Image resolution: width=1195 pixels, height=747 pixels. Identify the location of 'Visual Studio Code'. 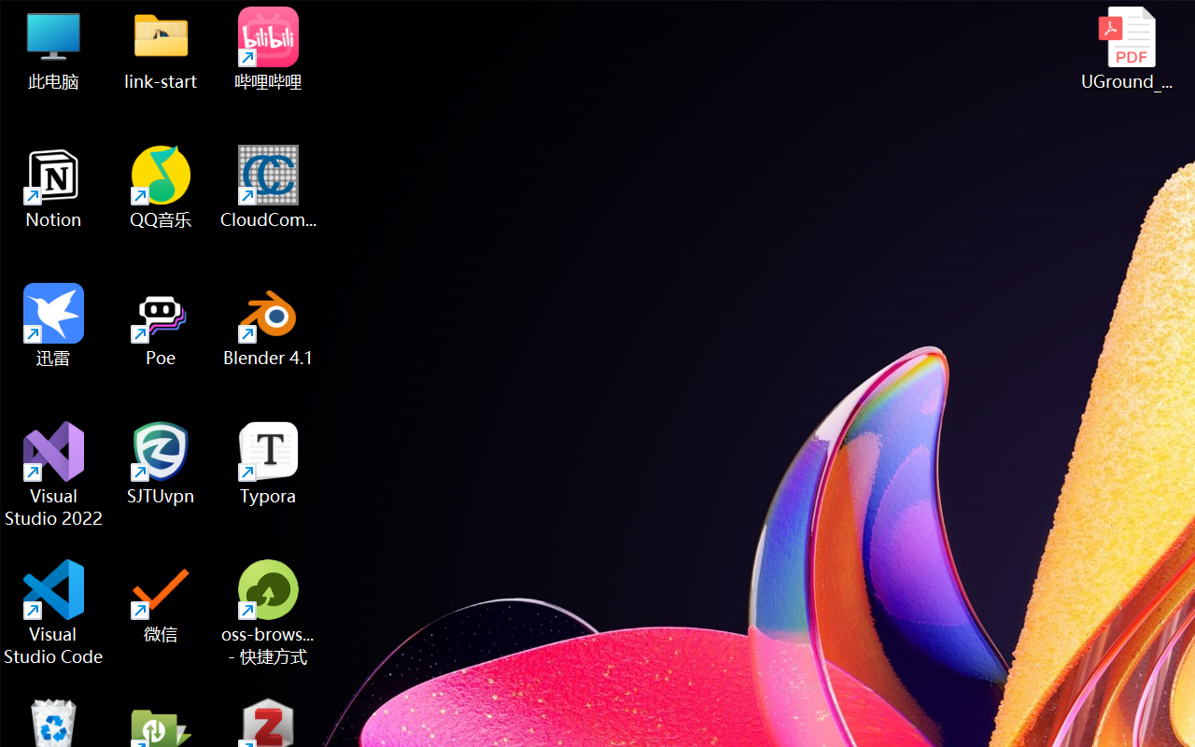
(53, 612).